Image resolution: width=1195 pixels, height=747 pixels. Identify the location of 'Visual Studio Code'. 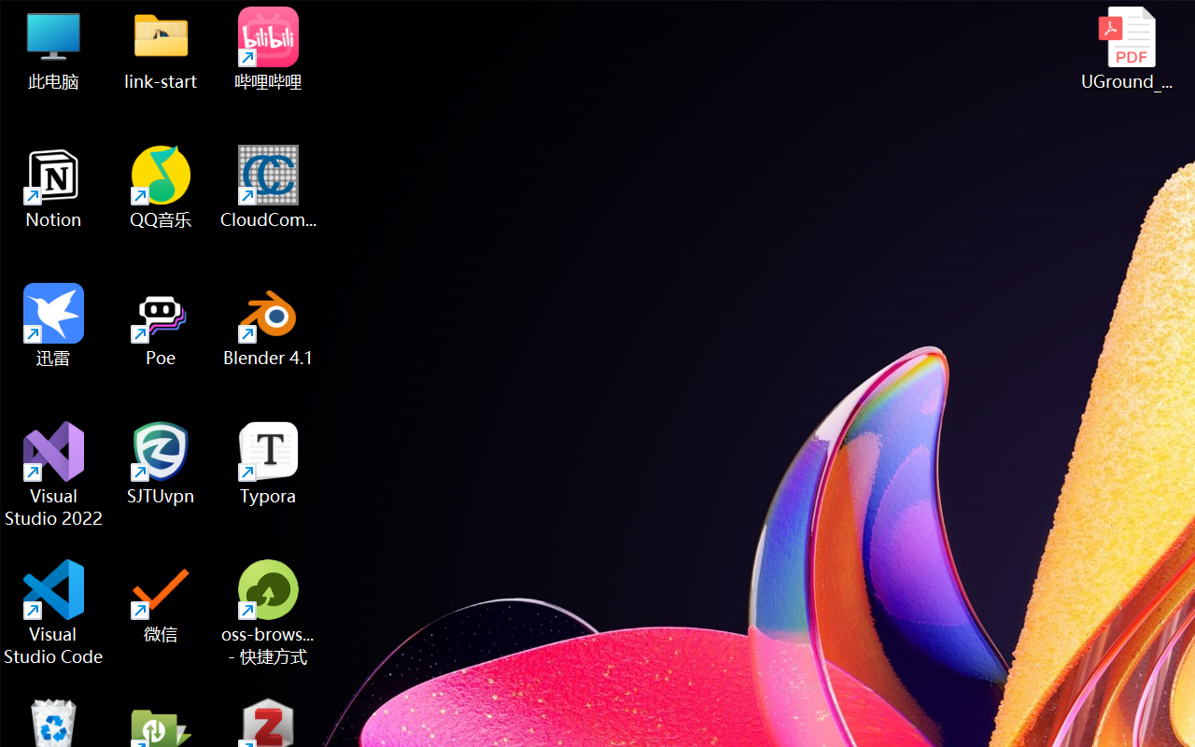
(53, 612).